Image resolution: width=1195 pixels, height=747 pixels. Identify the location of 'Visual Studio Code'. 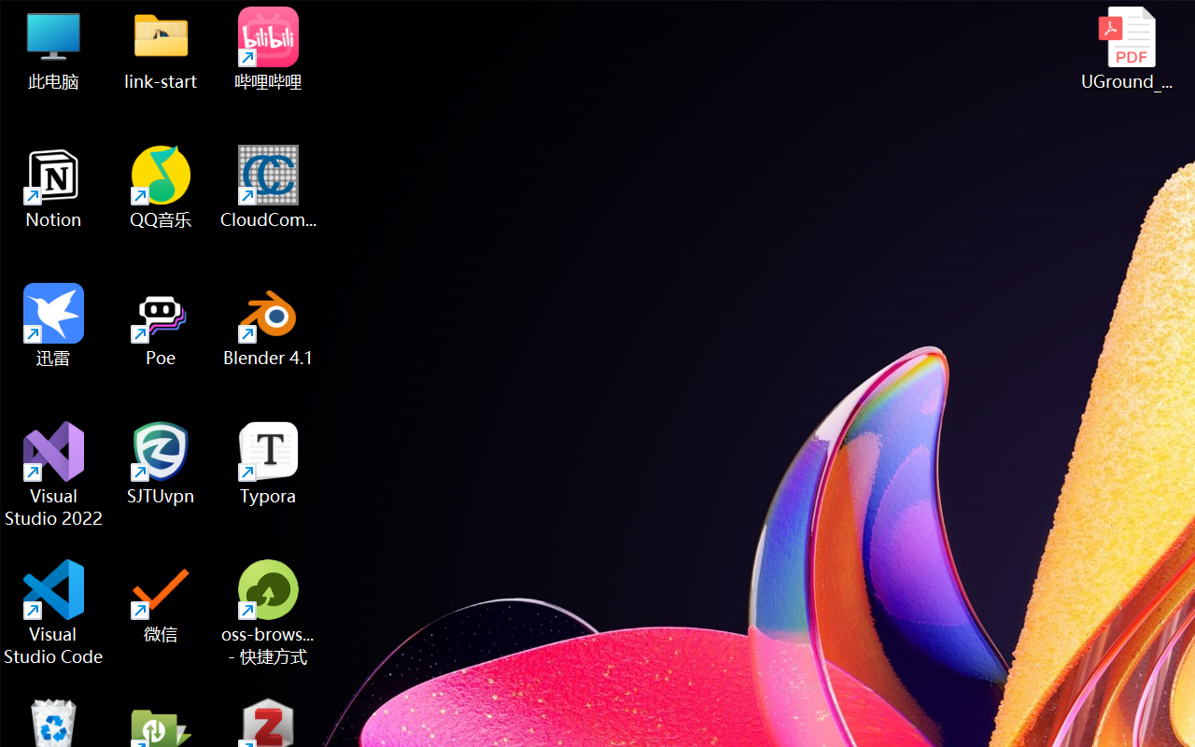
(53, 612).